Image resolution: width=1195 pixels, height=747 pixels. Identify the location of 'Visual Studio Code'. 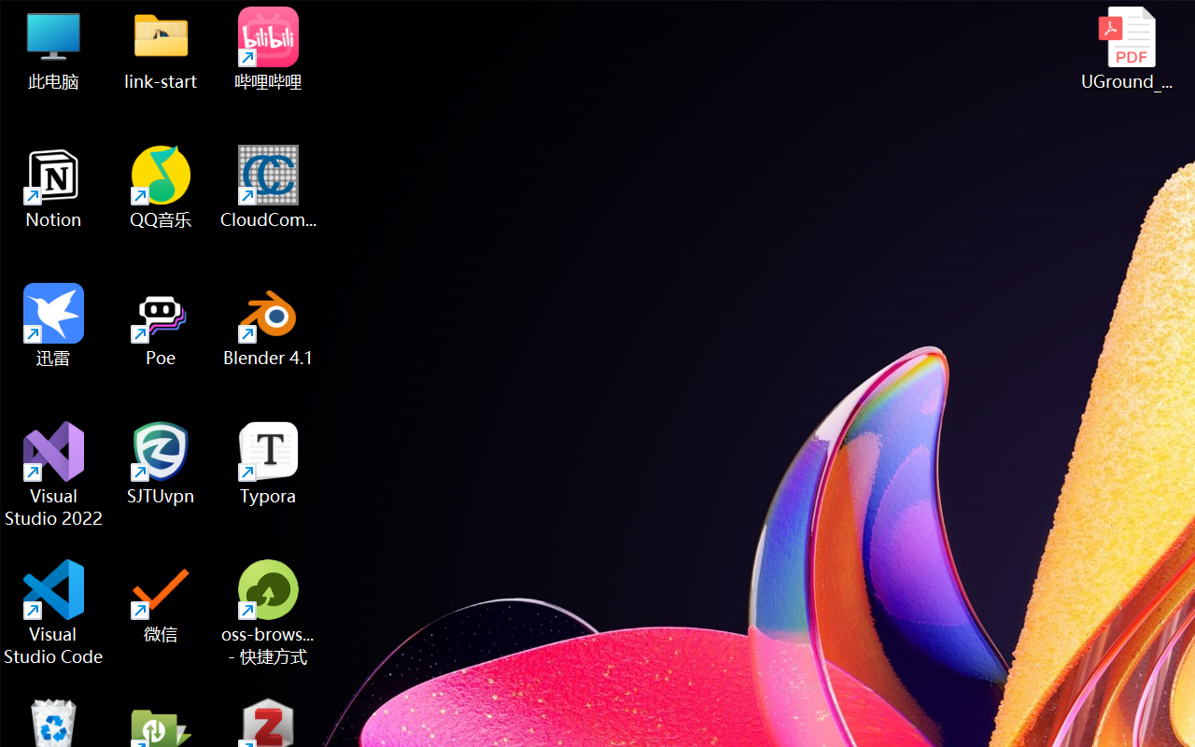
(53, 612).